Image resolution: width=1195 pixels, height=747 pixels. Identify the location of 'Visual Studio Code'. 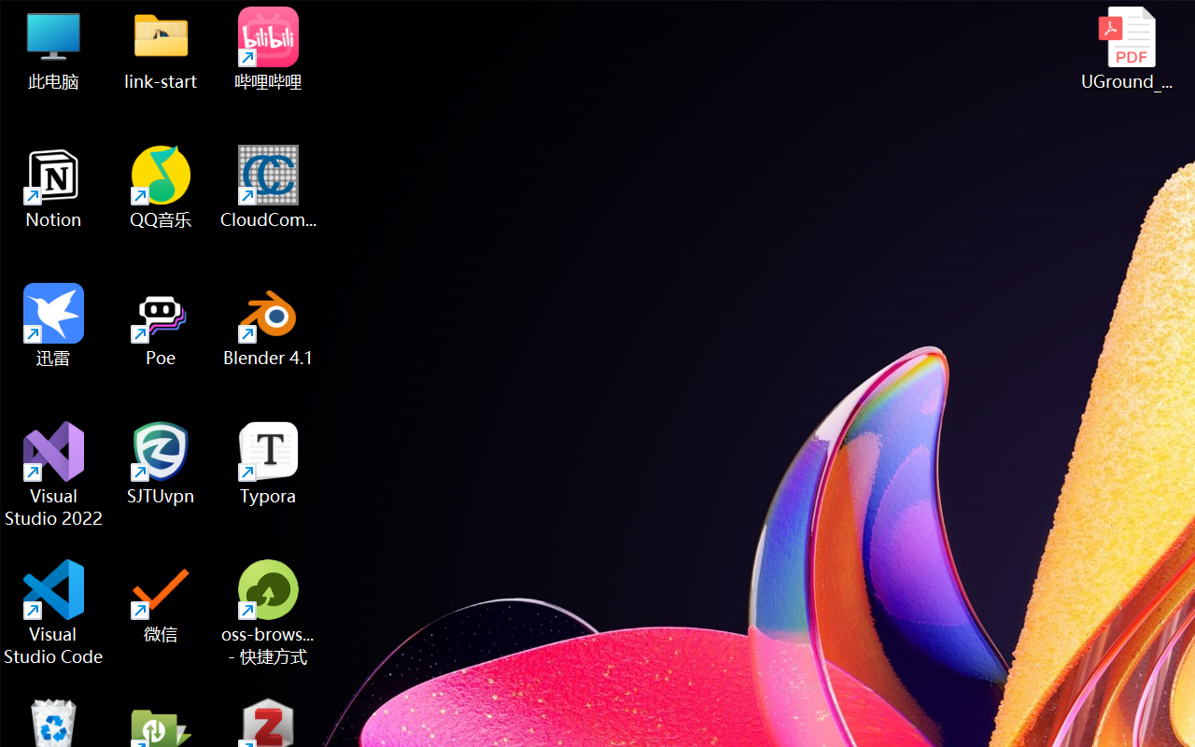
(53, 612).